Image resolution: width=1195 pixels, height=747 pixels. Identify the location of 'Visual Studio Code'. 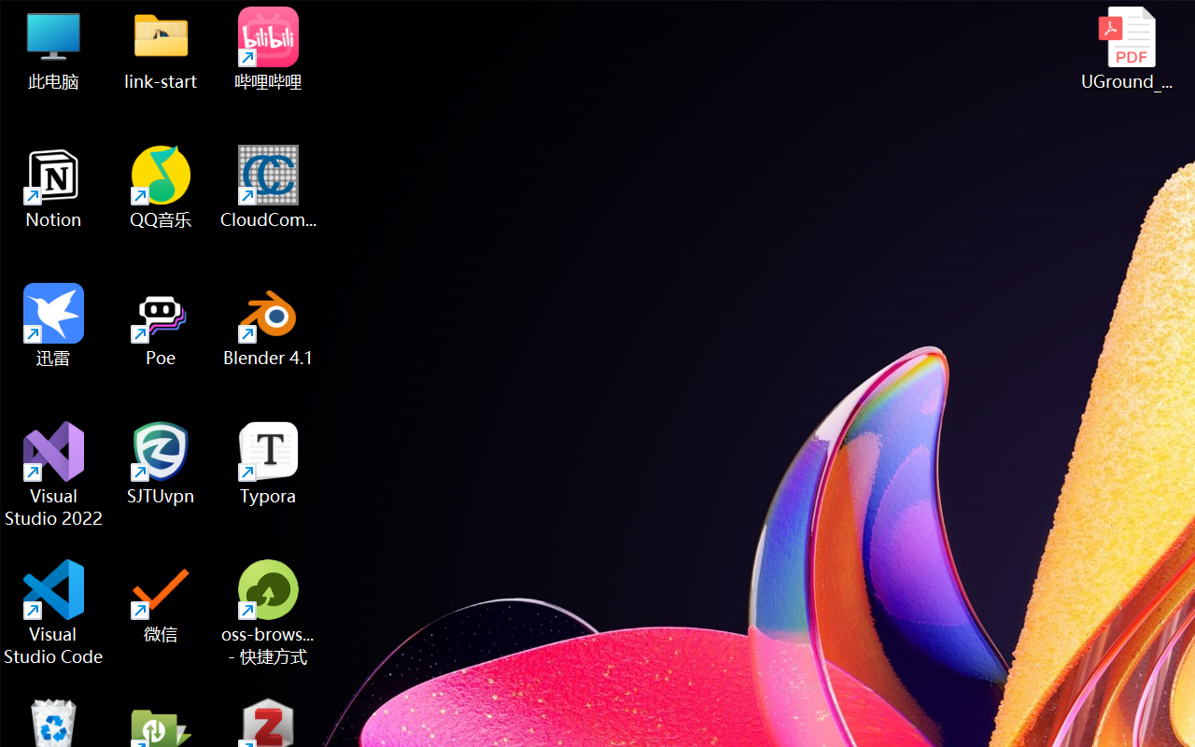
(53, 612).